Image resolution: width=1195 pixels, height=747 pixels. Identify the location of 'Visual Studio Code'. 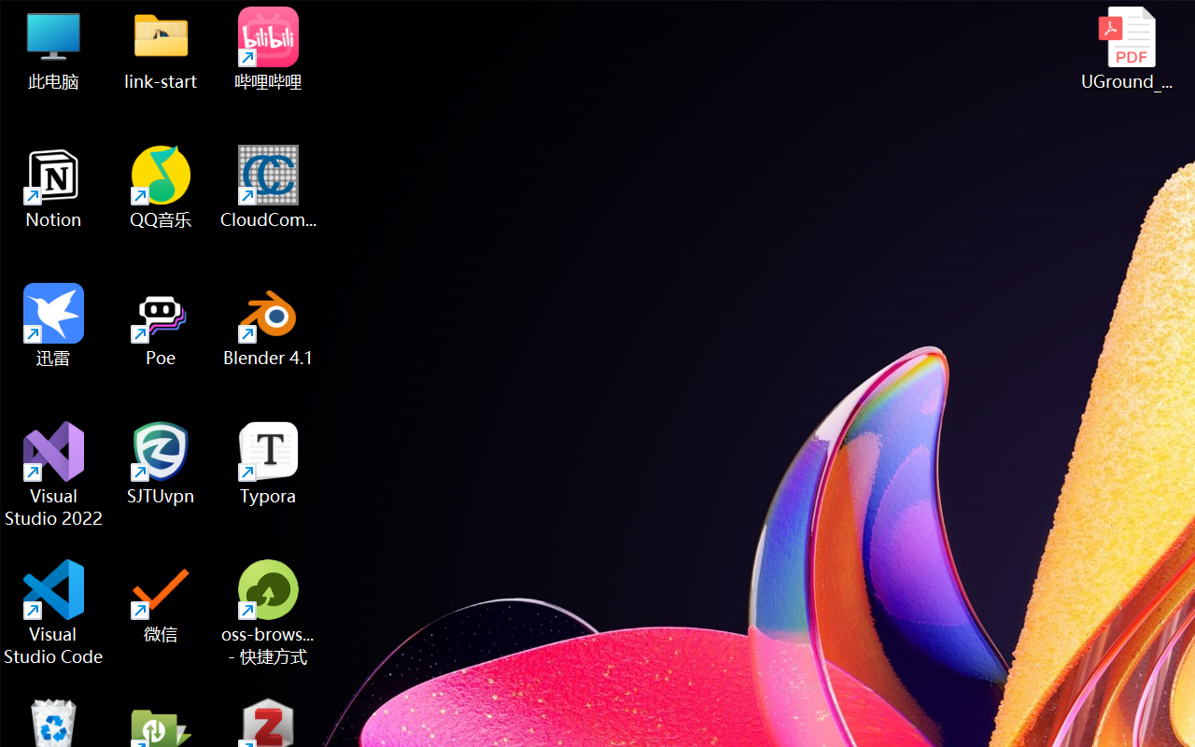
(53, 612).